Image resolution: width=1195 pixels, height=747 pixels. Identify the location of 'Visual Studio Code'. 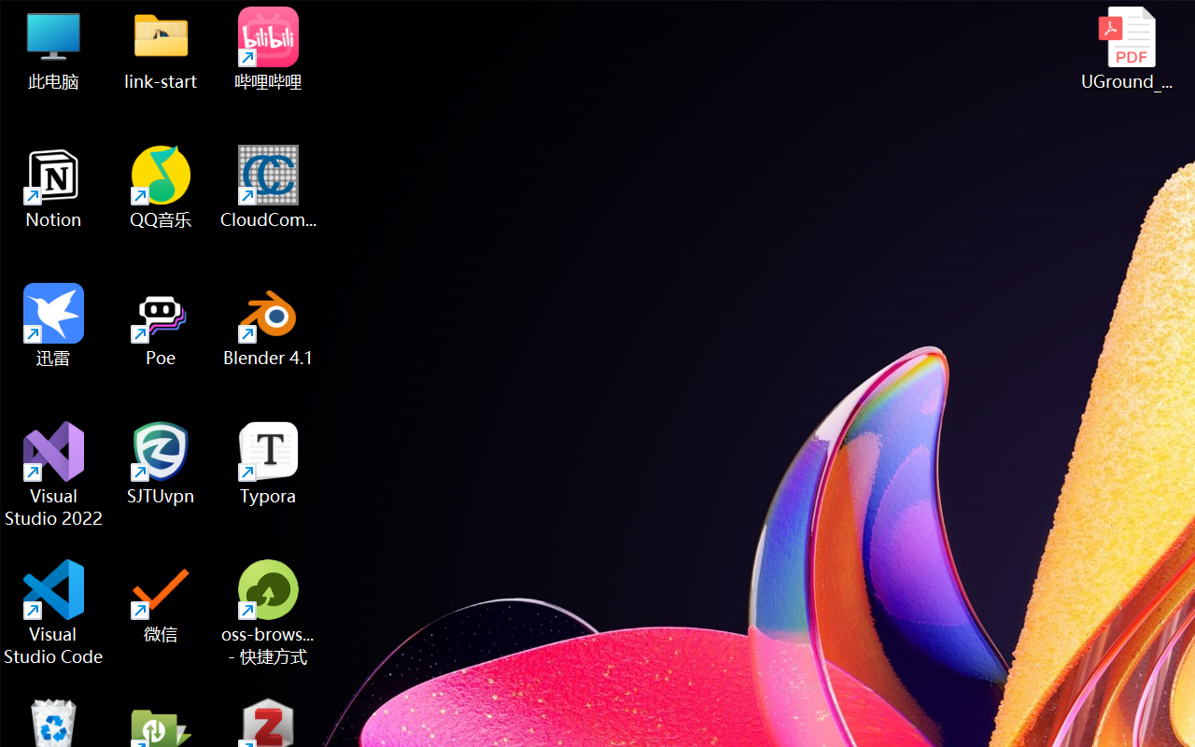
(53, 612).